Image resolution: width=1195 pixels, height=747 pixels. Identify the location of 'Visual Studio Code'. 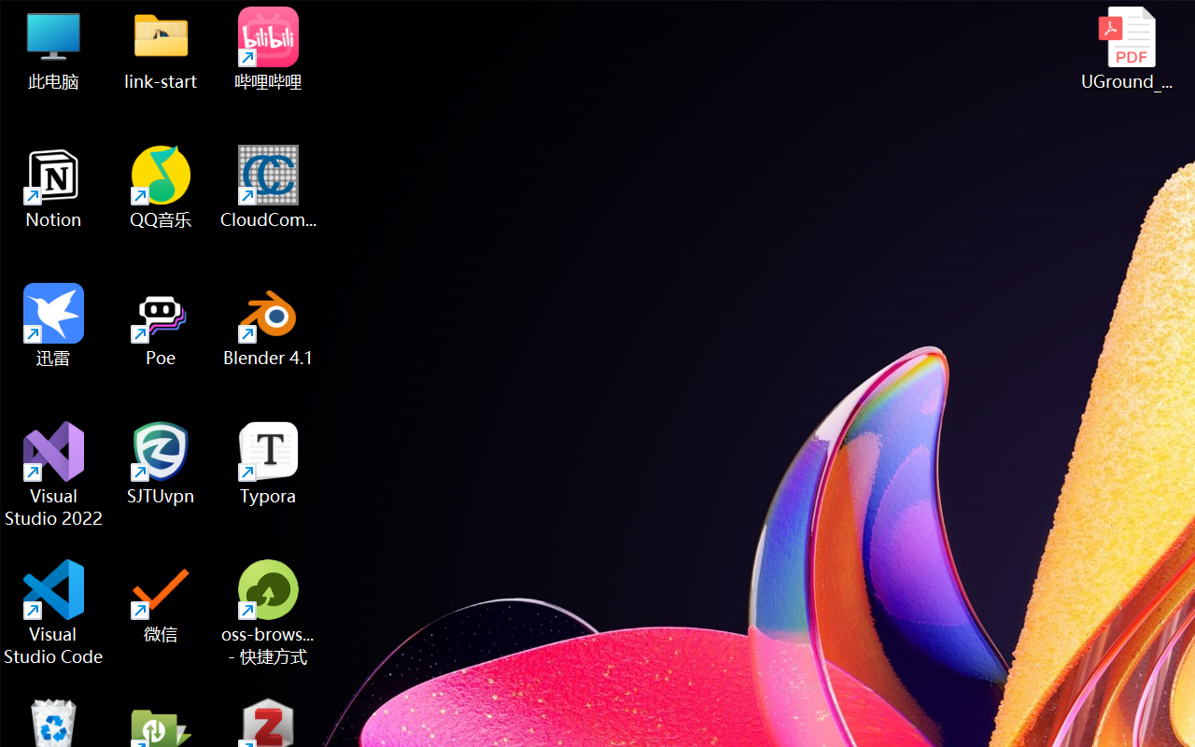
(53, 612).